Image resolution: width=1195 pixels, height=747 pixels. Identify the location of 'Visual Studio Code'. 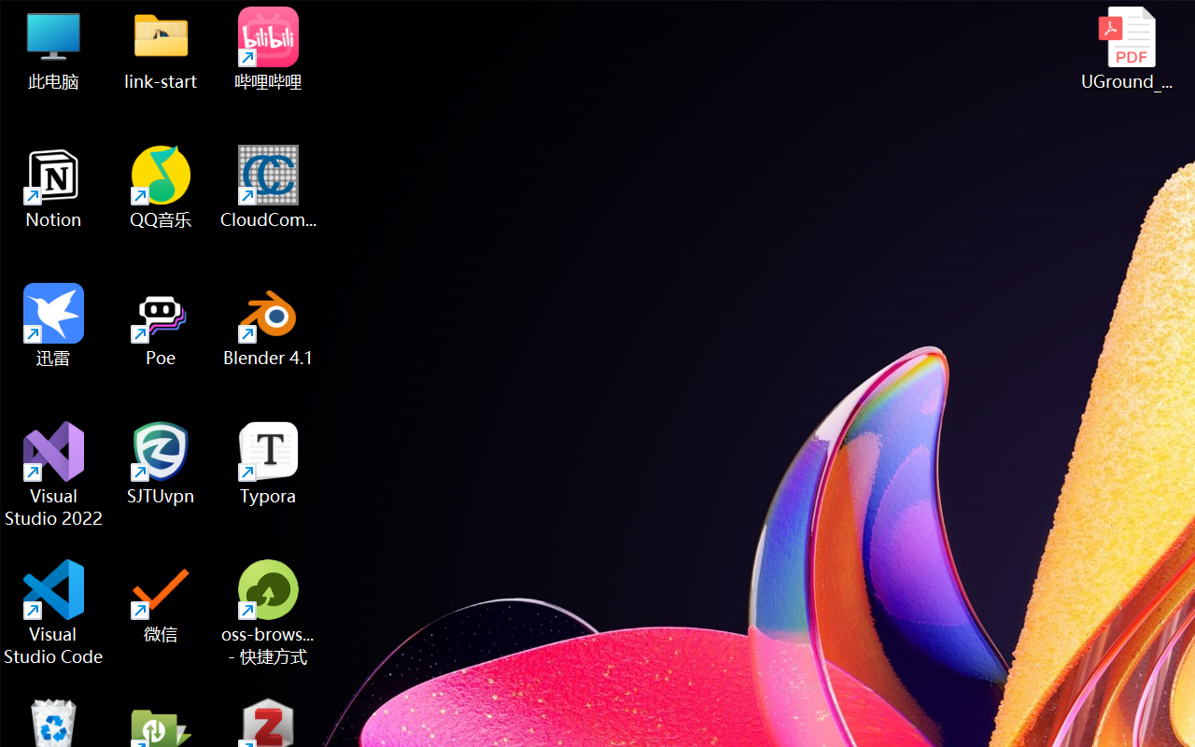
(53, 612).